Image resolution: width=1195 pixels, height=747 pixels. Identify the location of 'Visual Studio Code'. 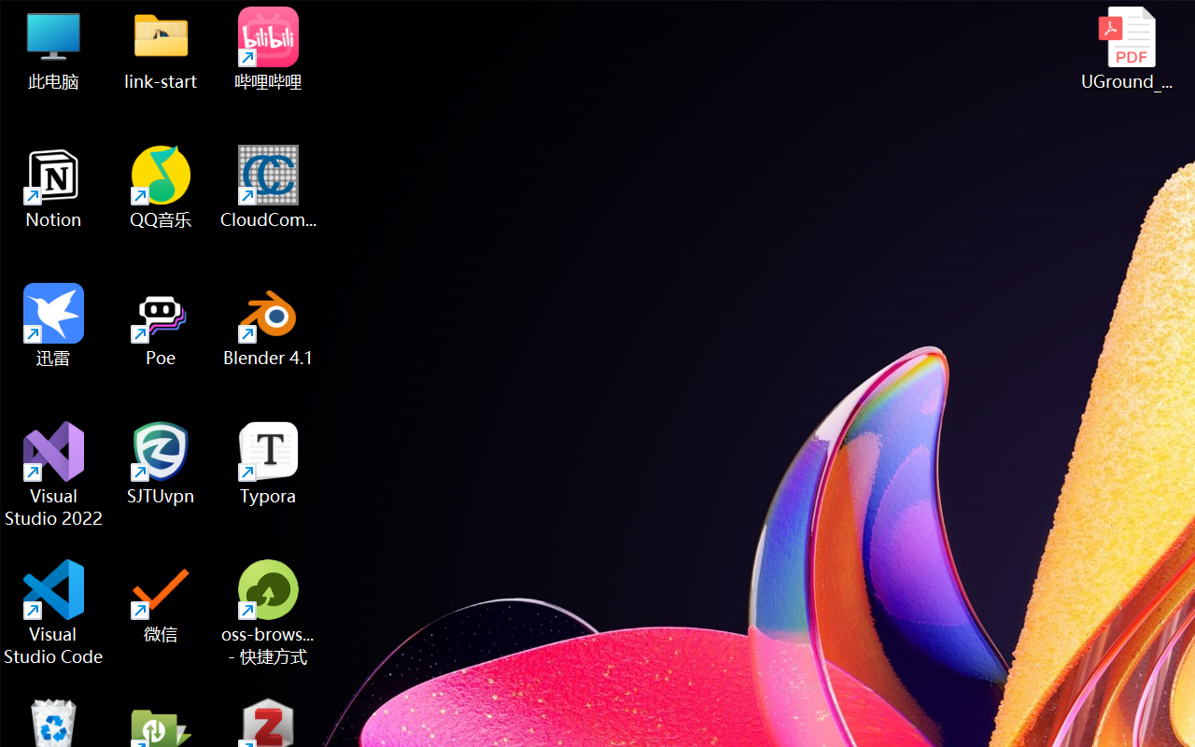
(53, 612).